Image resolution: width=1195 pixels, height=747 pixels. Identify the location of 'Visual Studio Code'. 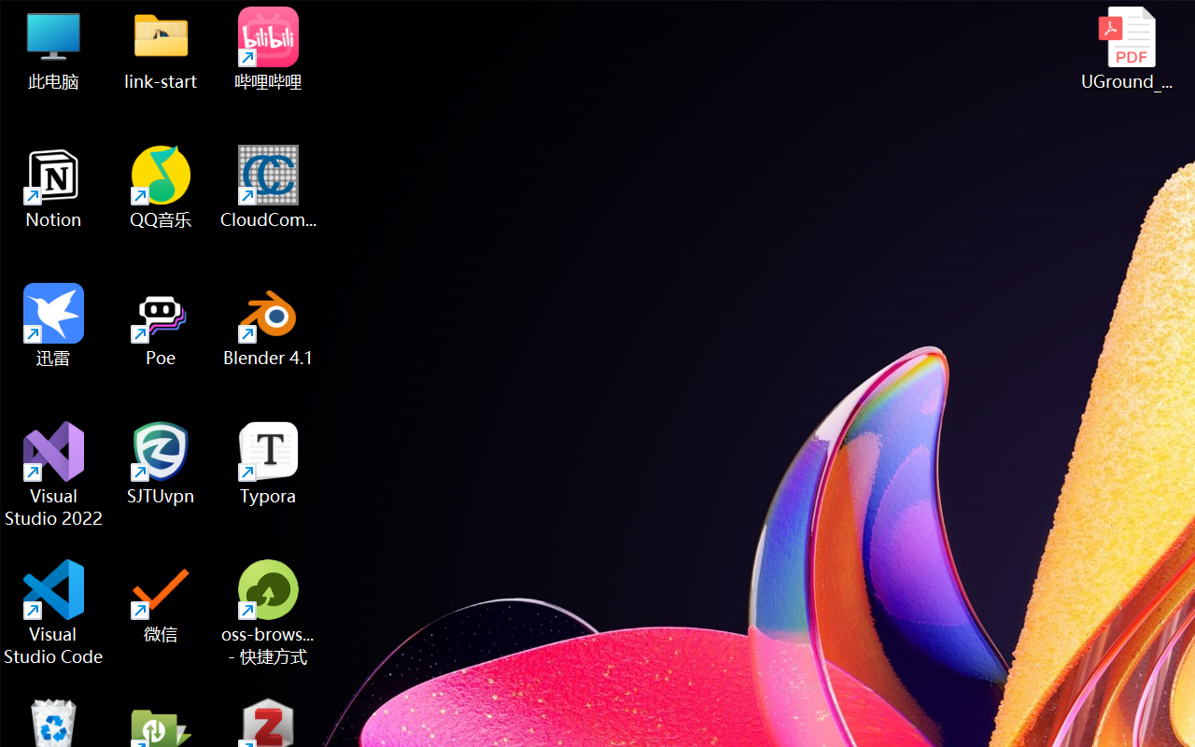
(53, 612).